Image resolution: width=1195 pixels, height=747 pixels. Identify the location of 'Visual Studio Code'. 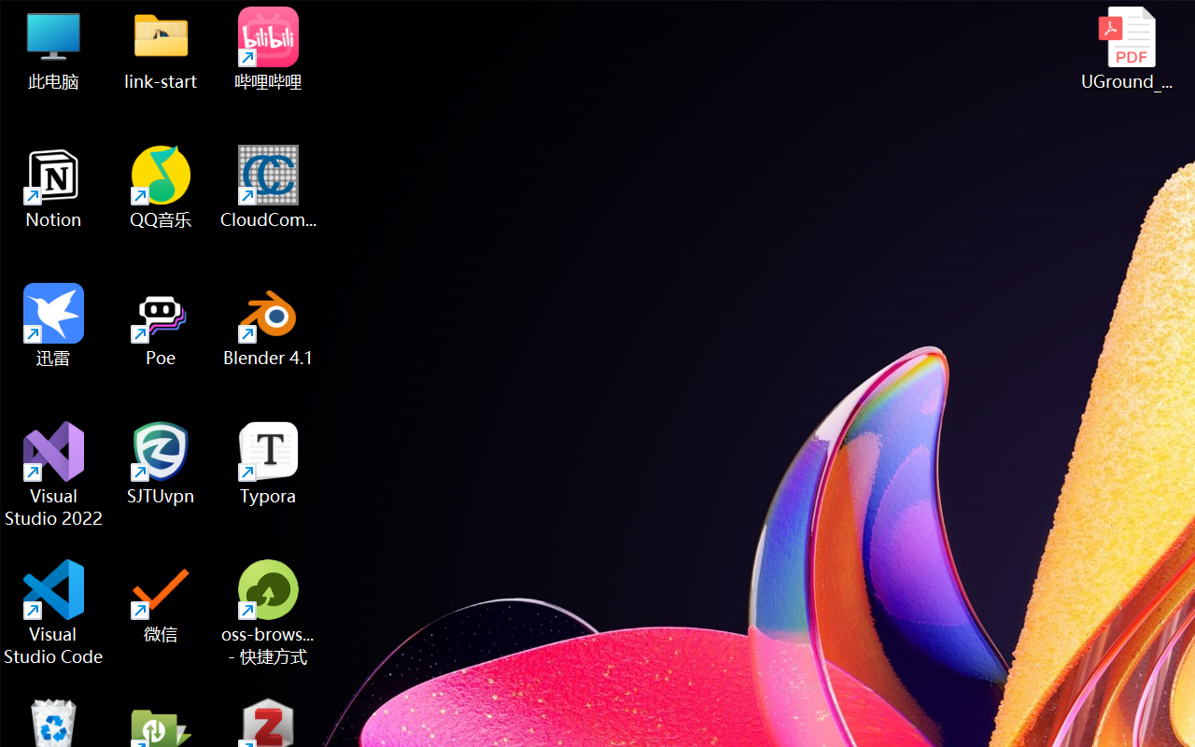
(53, 612).